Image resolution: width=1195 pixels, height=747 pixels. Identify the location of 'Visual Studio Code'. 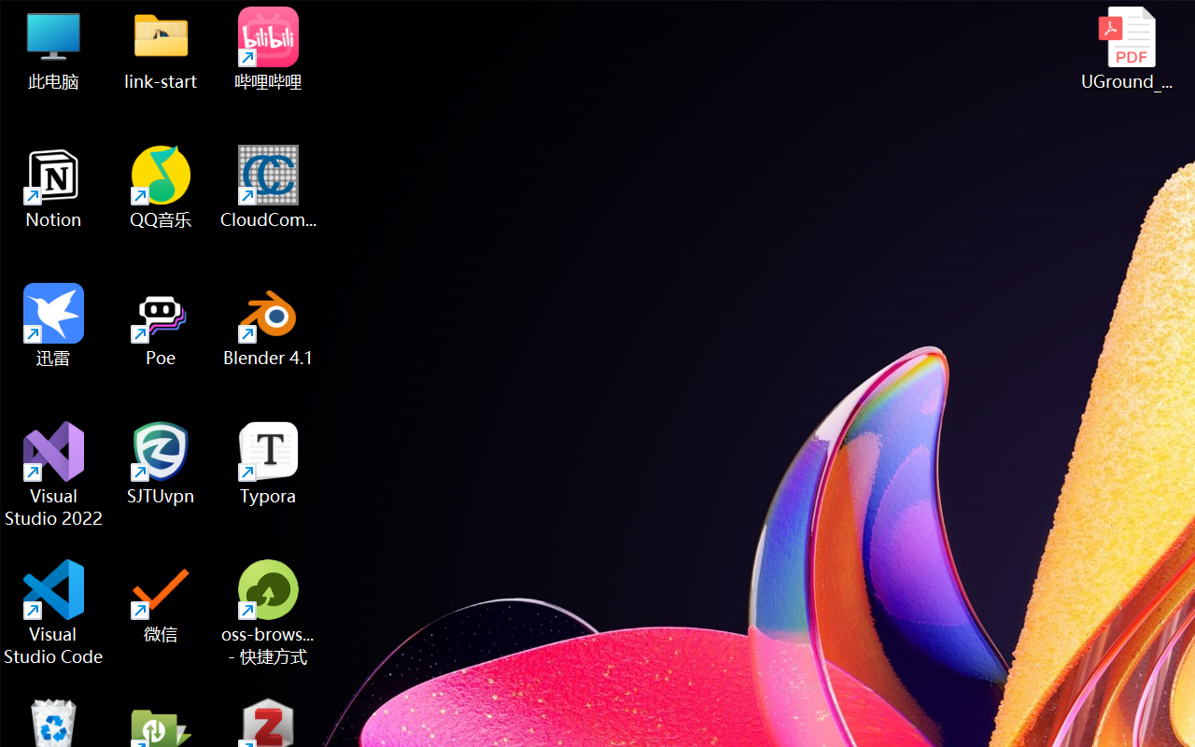
(53, 612).